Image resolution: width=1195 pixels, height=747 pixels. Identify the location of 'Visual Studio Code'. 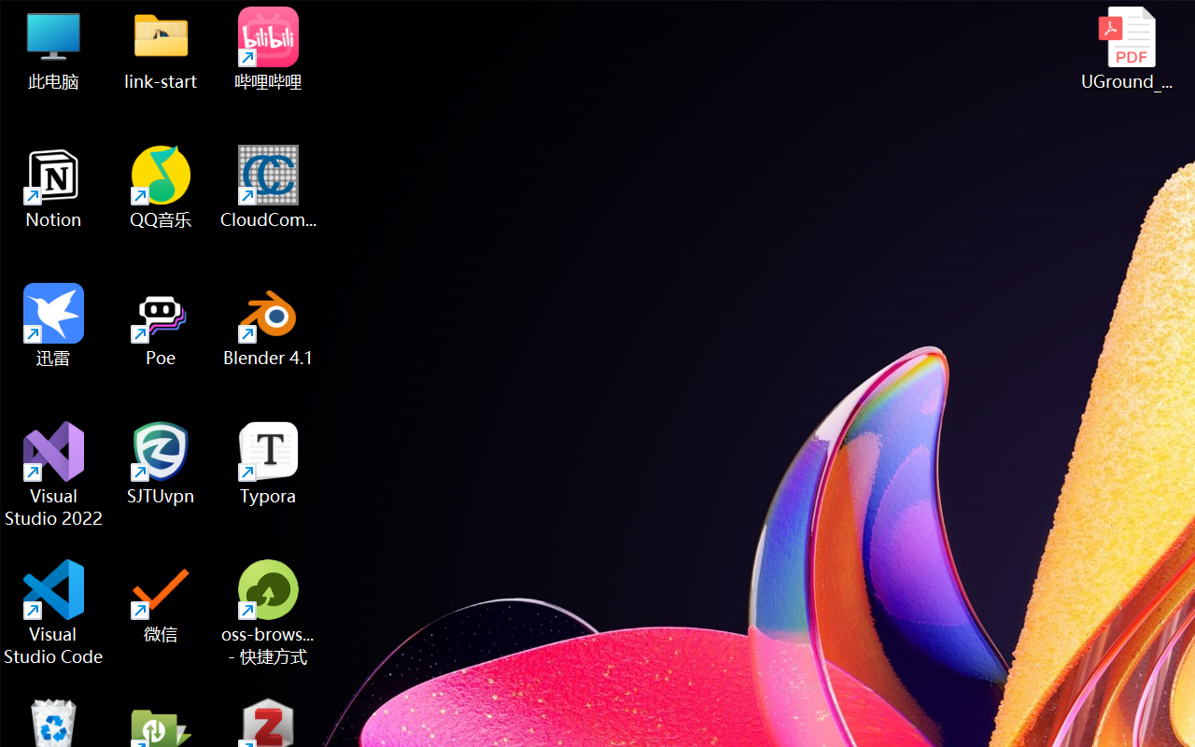
(53, 612).